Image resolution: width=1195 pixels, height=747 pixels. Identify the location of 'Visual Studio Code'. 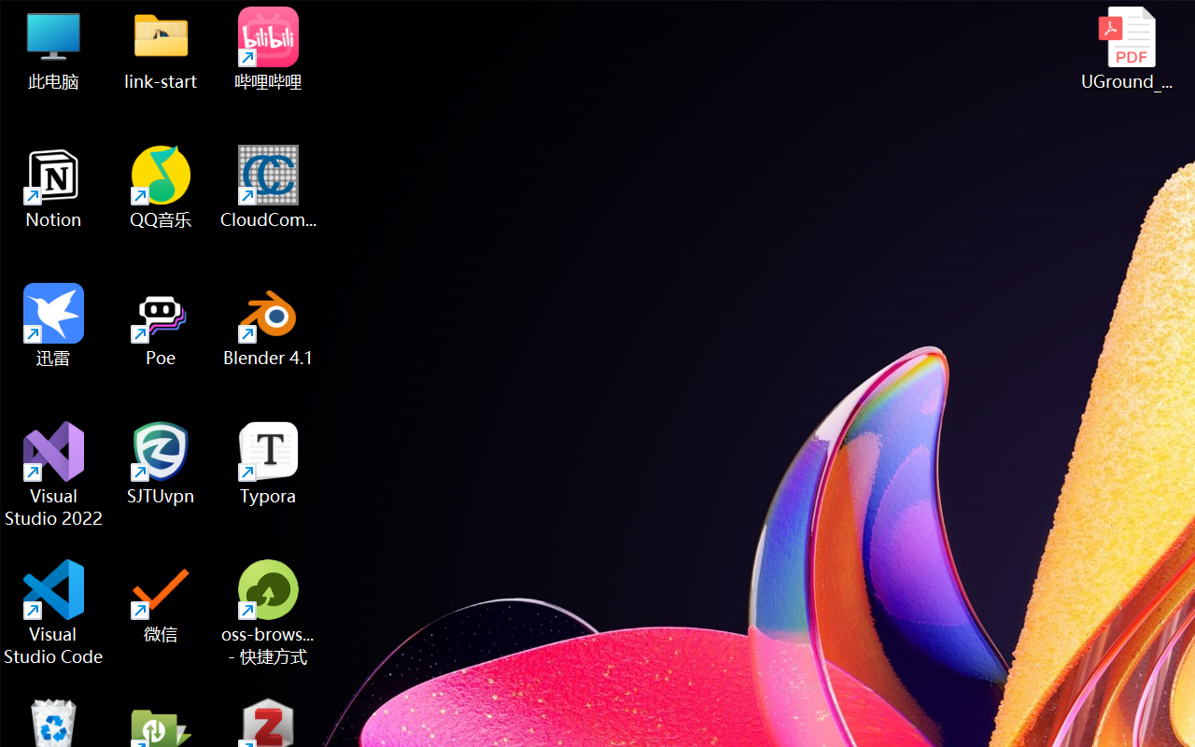
(53, 612).